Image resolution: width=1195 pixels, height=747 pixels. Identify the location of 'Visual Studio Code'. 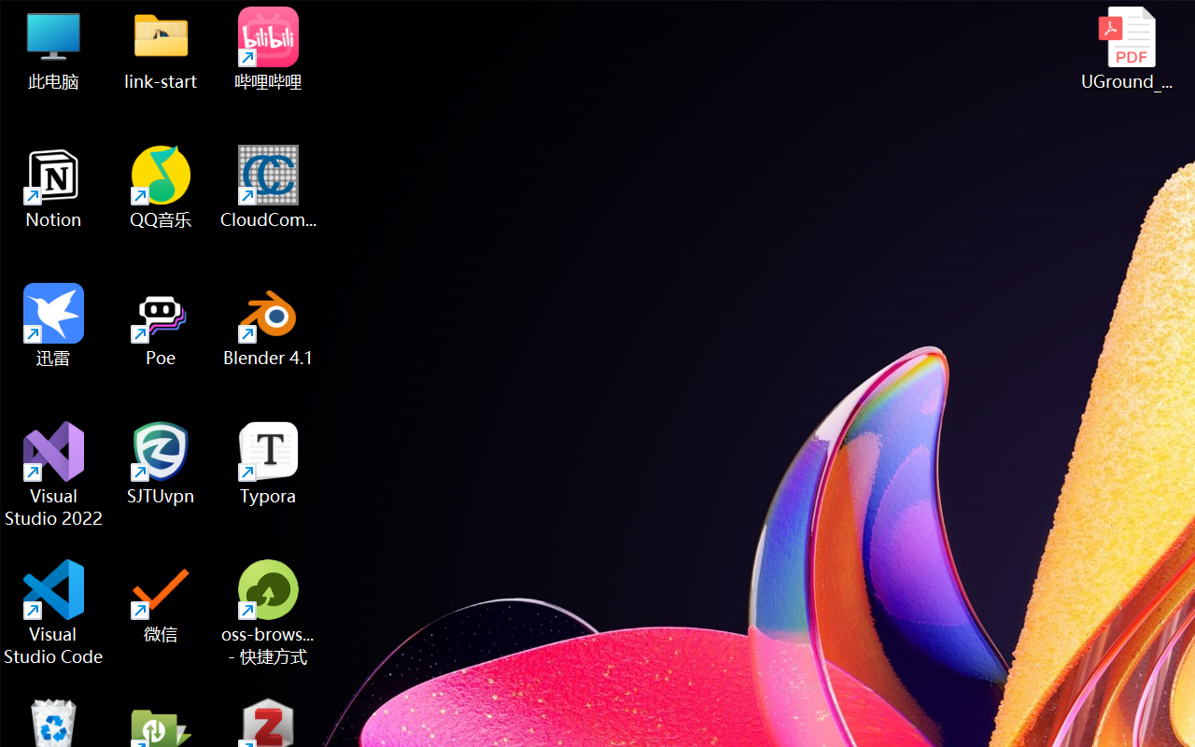
(53, 612).